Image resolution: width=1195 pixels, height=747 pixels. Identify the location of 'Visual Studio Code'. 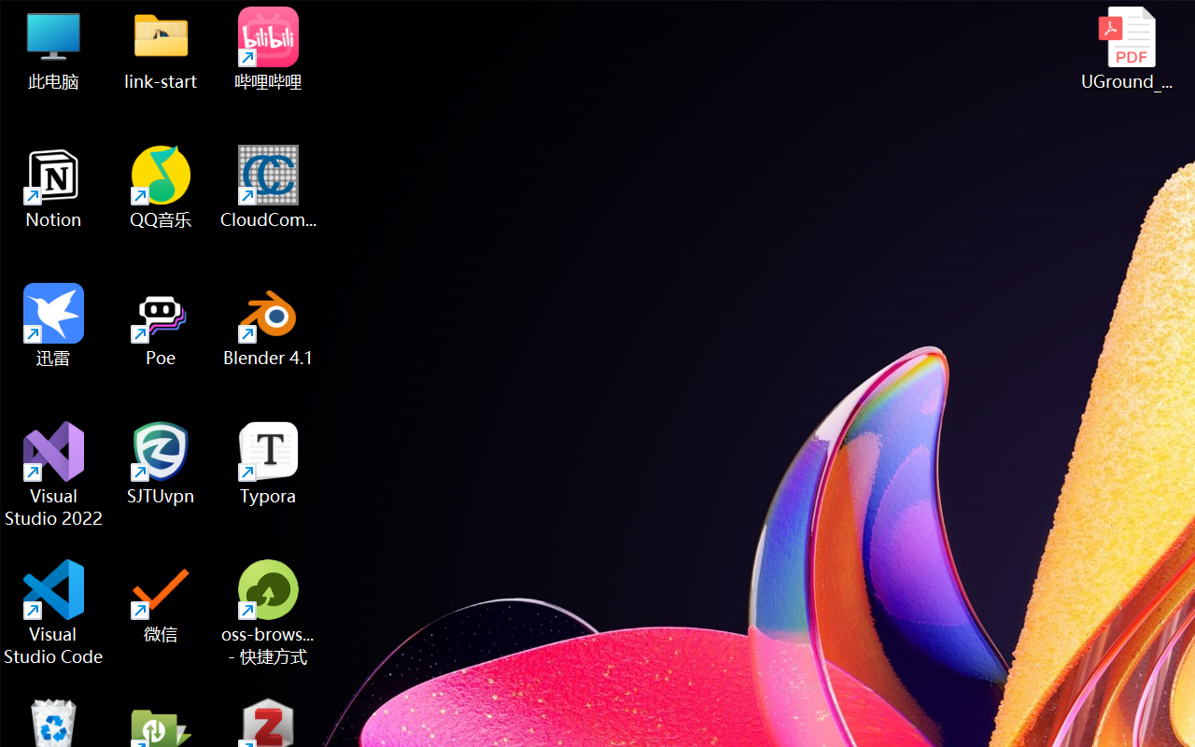
(53, 612).